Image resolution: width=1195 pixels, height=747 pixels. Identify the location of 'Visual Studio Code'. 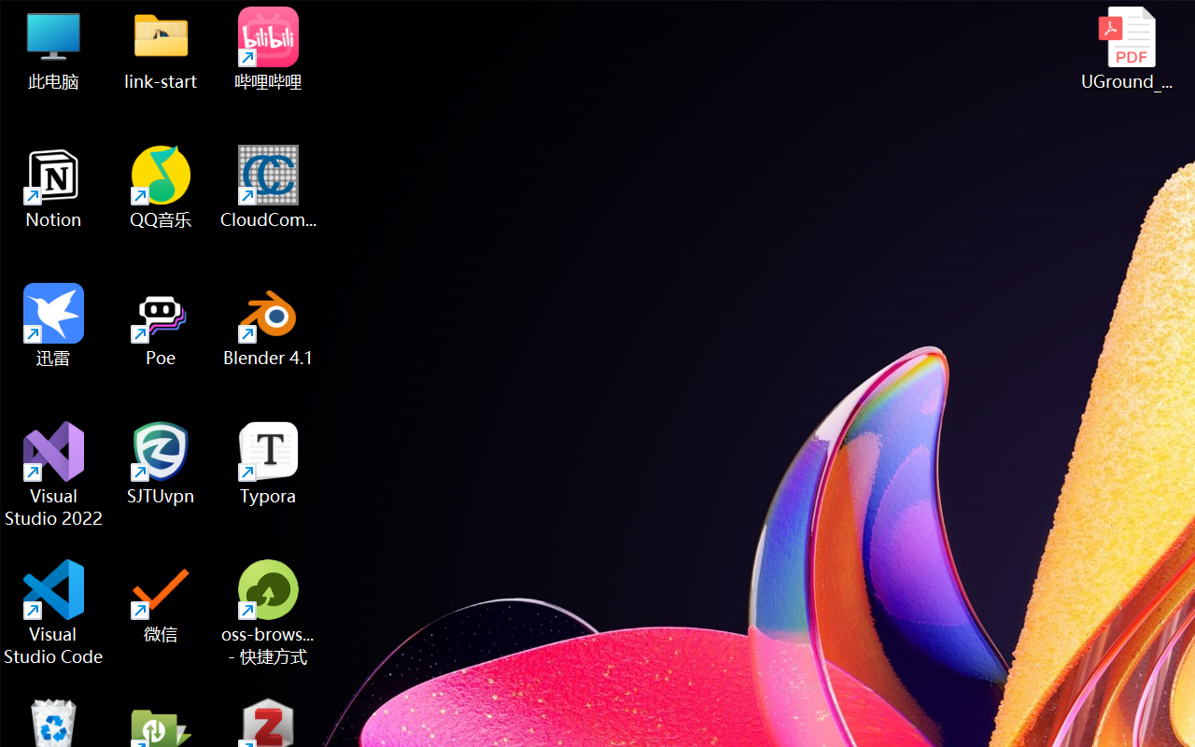
(53, 612).